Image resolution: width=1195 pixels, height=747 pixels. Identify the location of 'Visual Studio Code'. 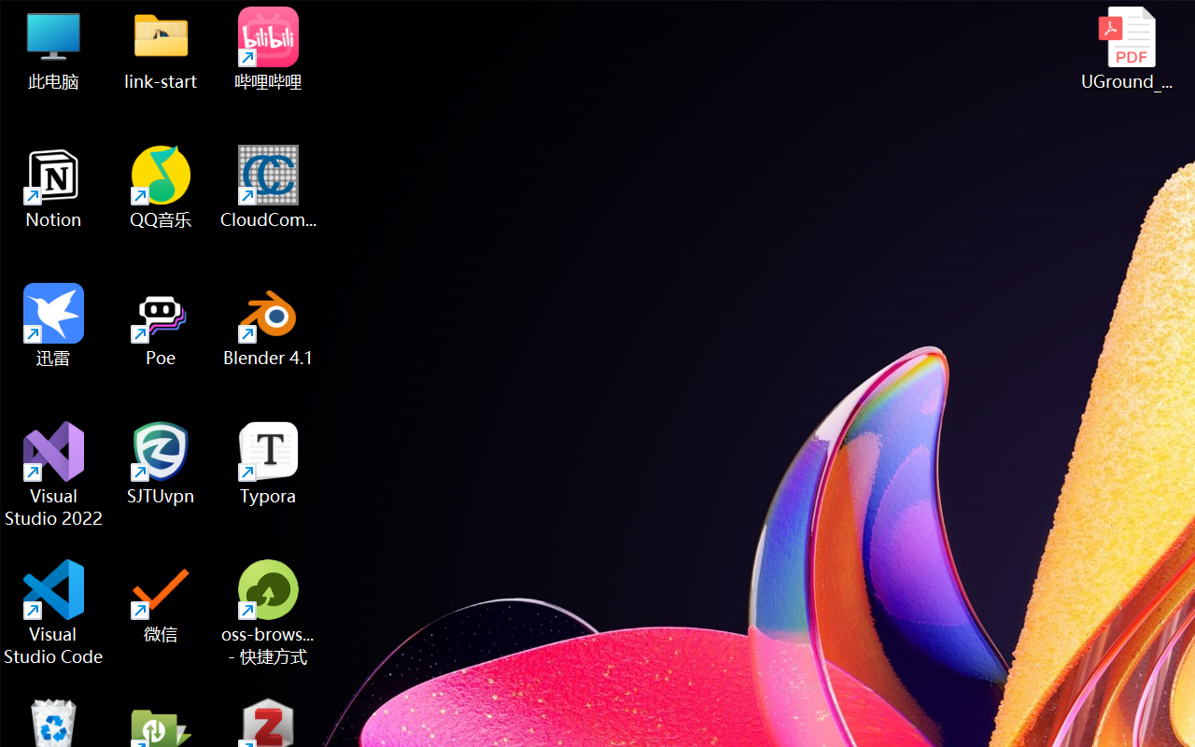
(53, 612).